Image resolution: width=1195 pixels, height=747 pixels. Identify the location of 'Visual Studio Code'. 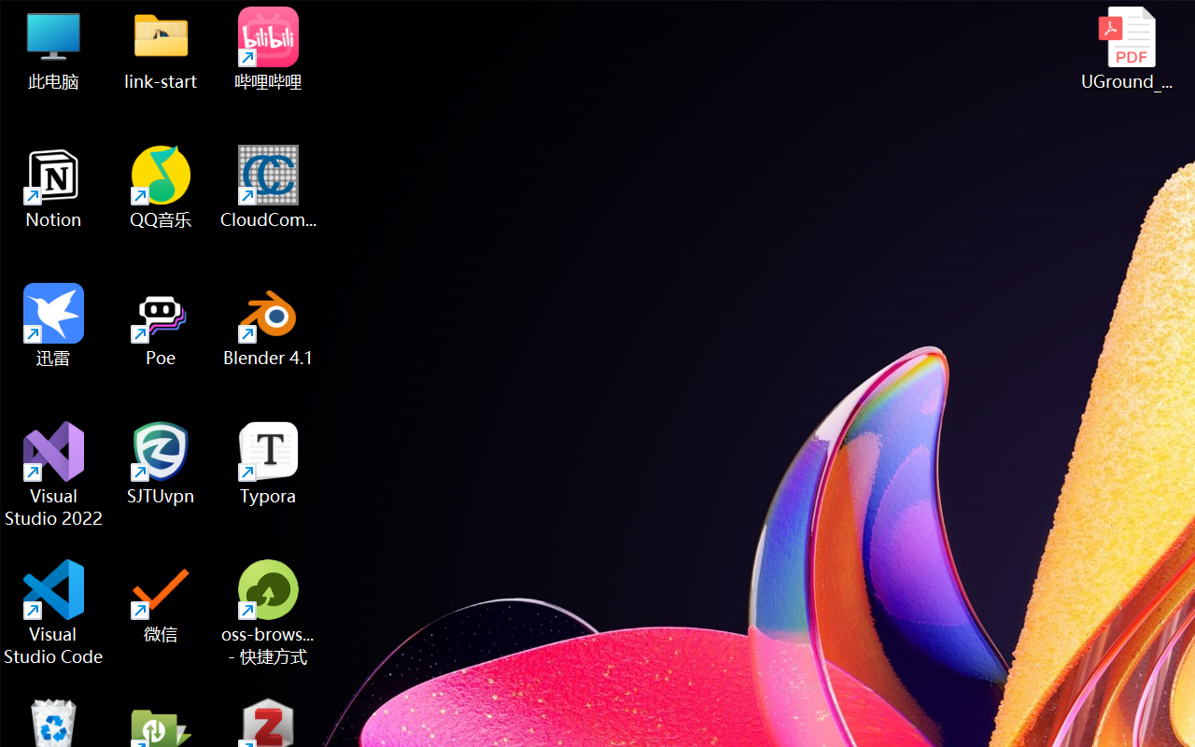
(53, 612).